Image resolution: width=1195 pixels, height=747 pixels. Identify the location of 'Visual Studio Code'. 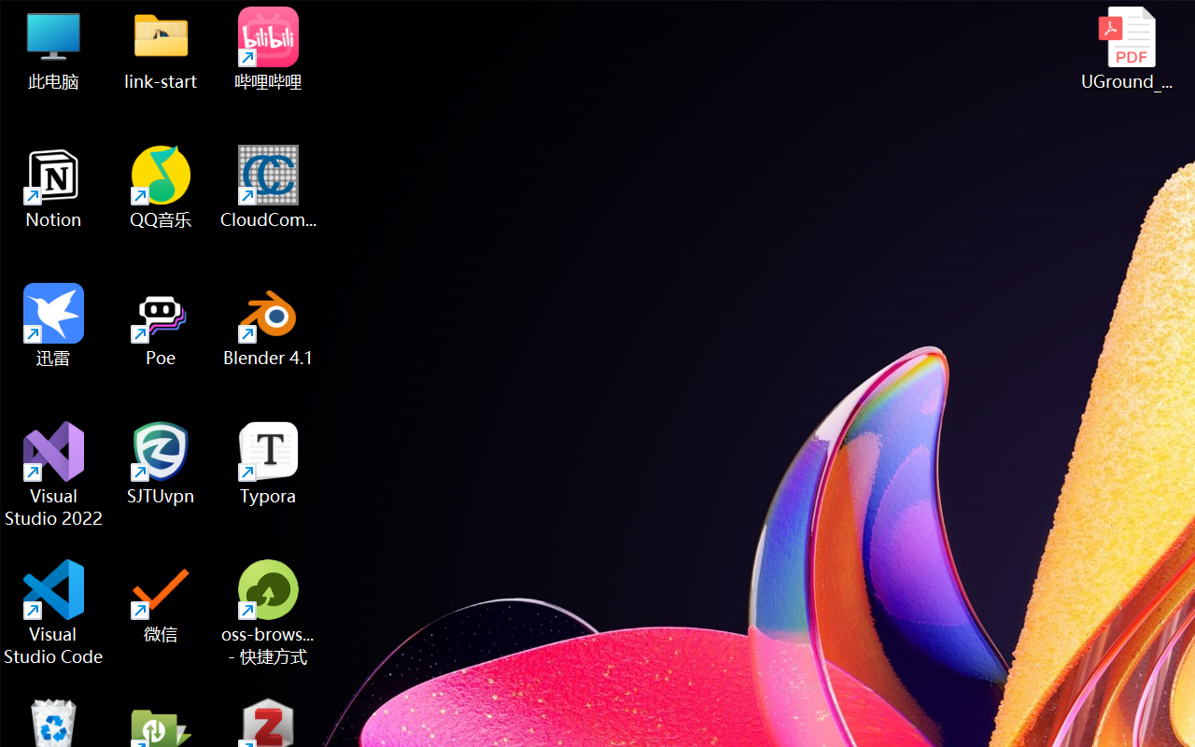
(53, 612).